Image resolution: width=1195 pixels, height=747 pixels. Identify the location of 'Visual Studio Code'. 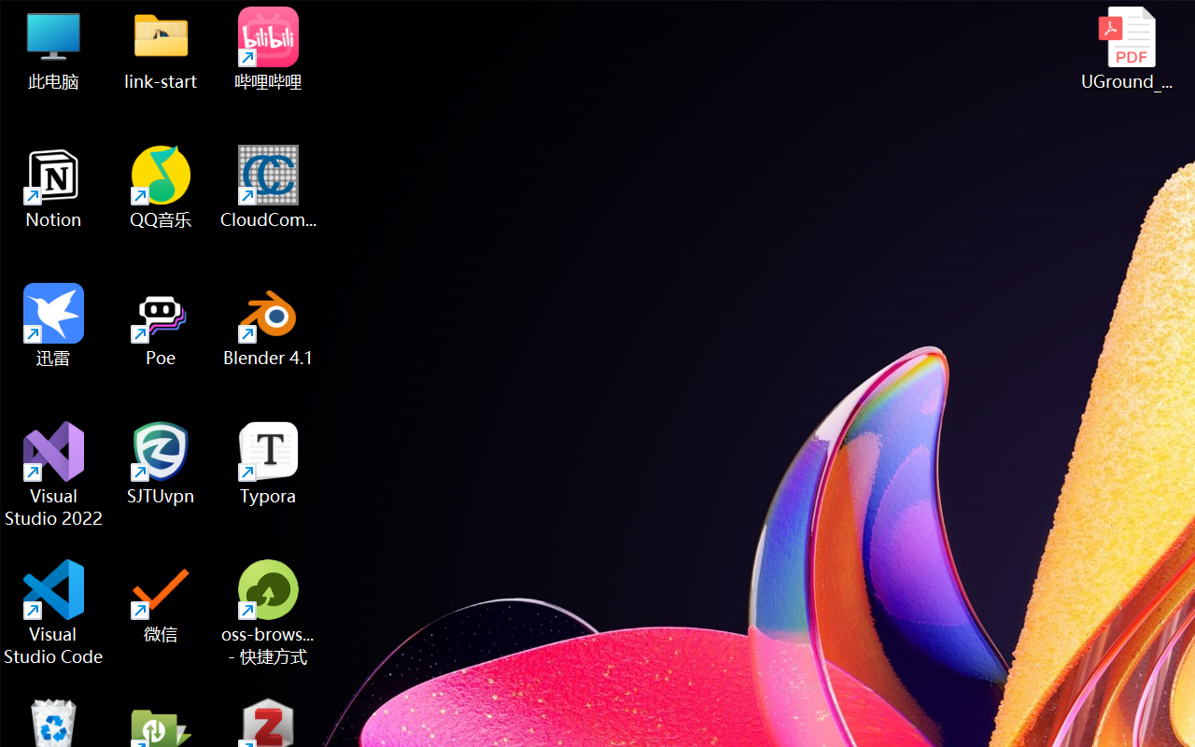
(53, 612).